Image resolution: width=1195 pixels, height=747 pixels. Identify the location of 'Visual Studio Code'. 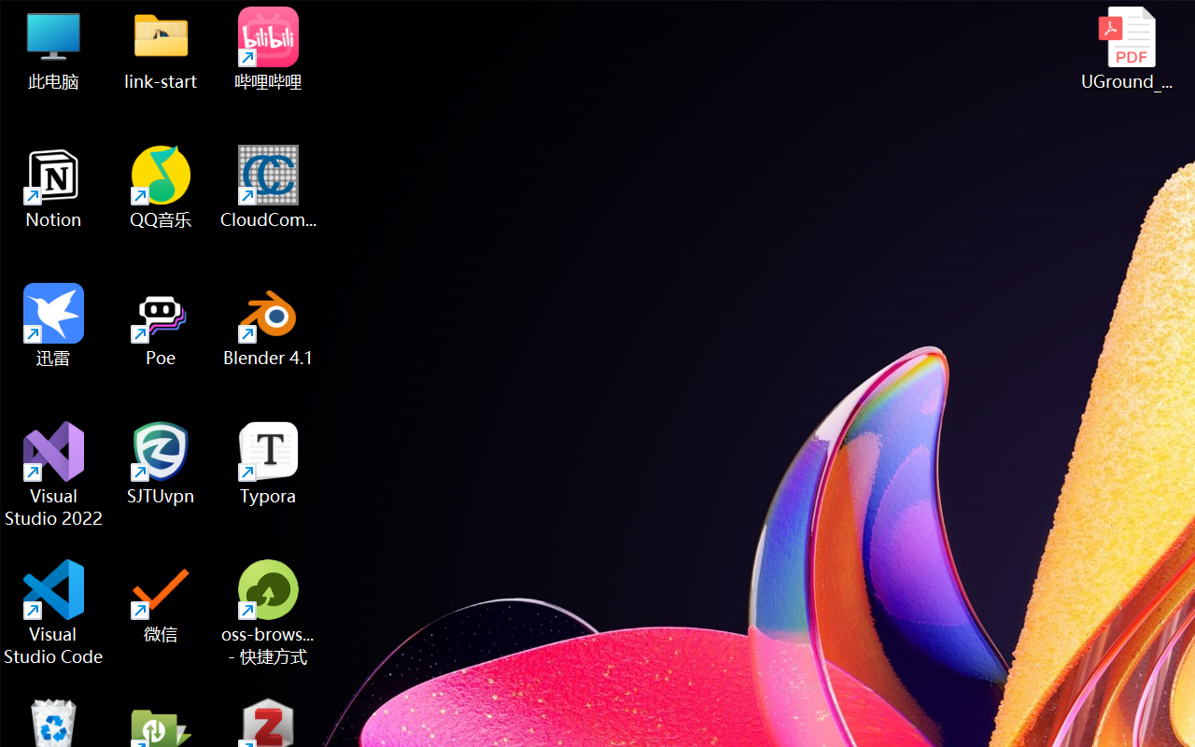
(53, 612).